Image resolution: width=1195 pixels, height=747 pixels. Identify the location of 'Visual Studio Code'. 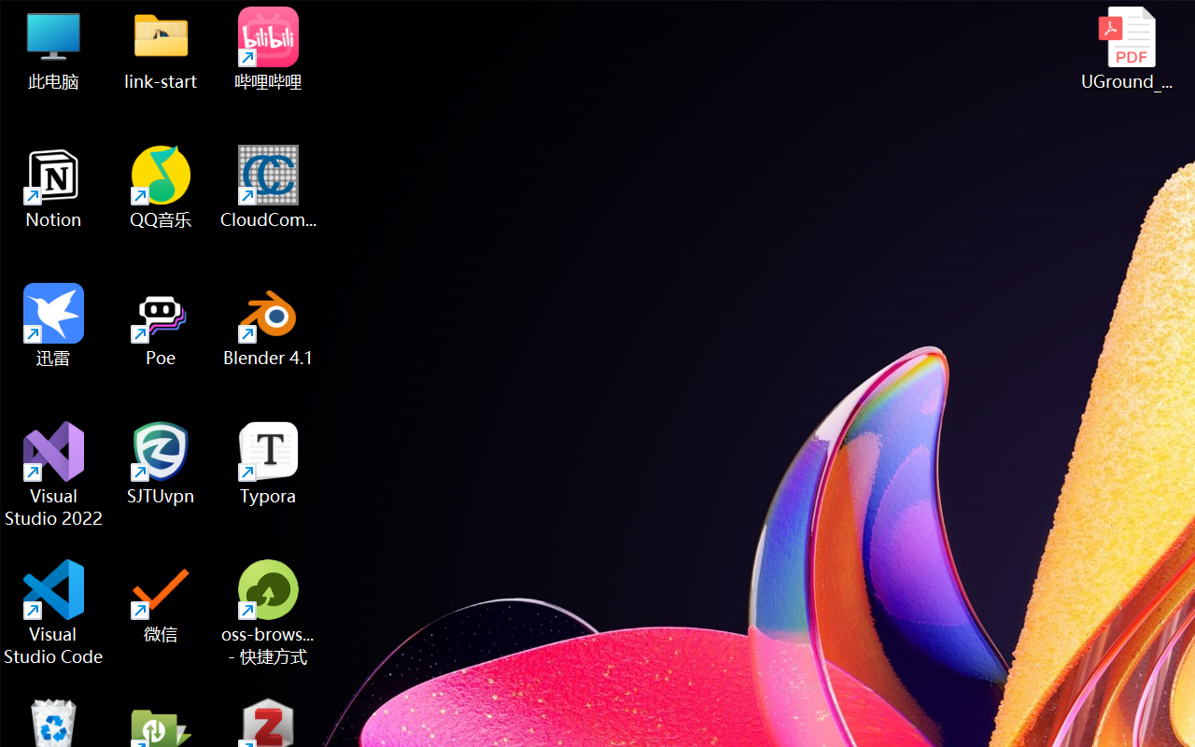
(53, 612).